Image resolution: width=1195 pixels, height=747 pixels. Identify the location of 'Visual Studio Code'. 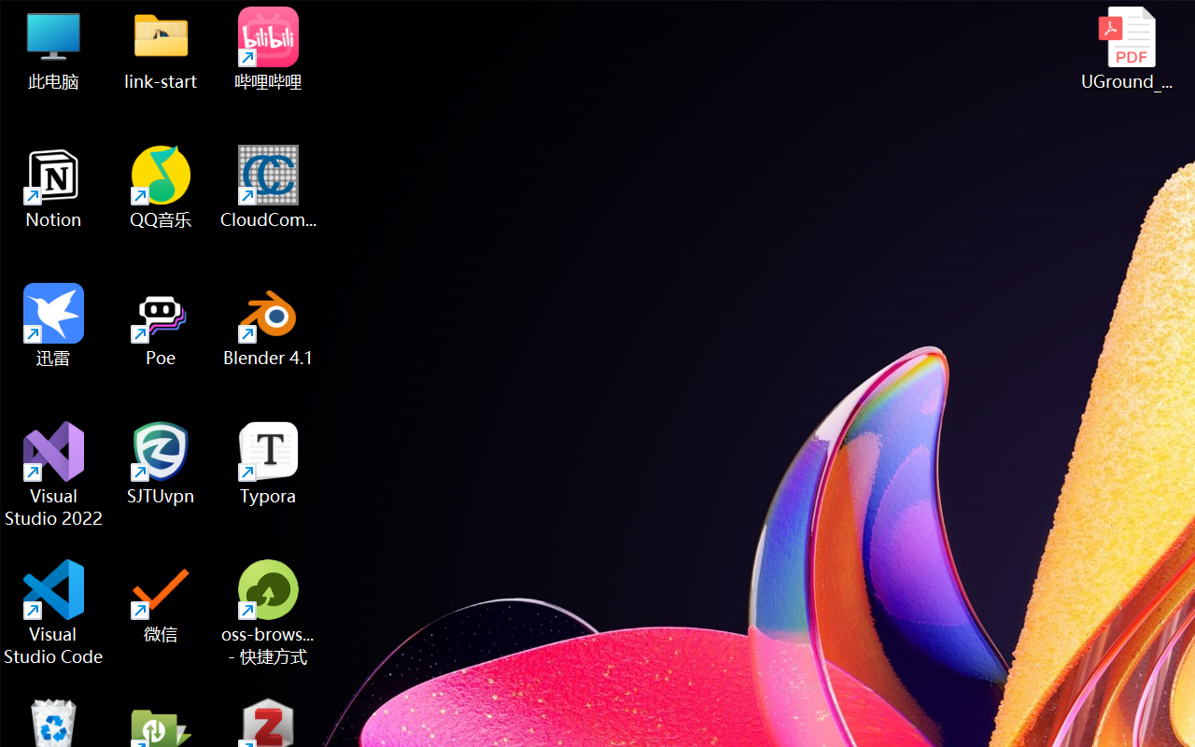
(53, 612).